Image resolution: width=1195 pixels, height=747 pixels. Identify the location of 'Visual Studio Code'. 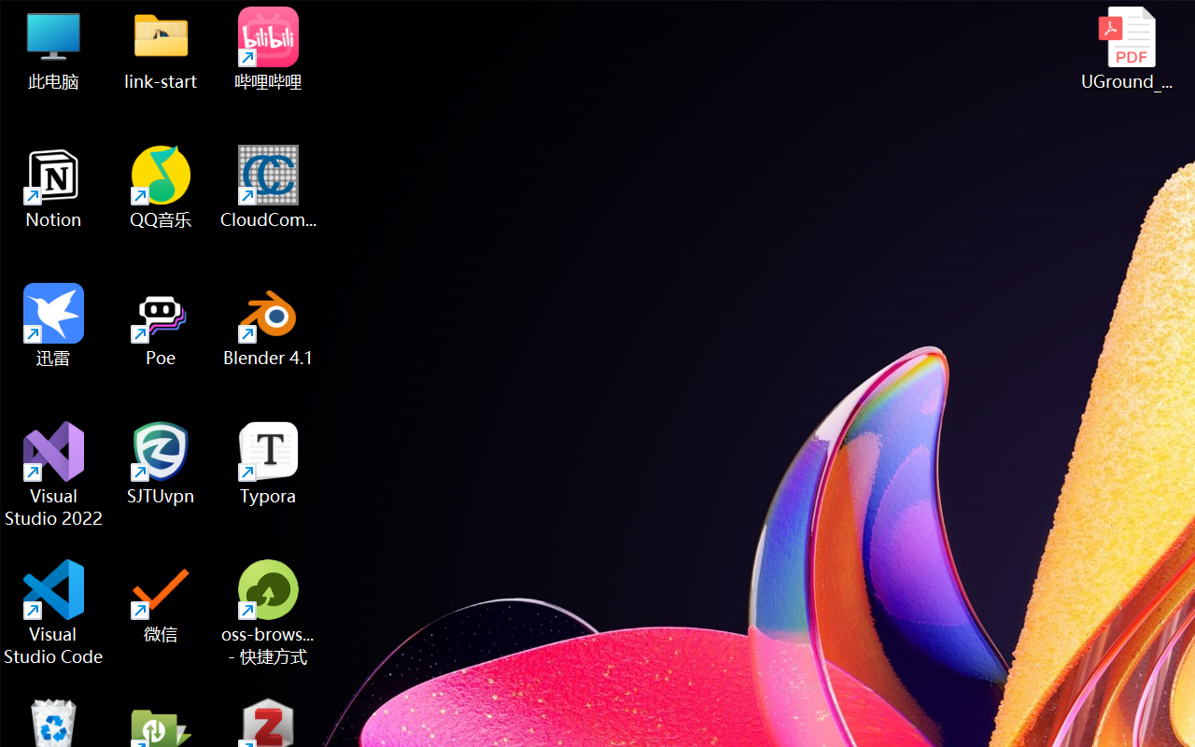
(53, 612).